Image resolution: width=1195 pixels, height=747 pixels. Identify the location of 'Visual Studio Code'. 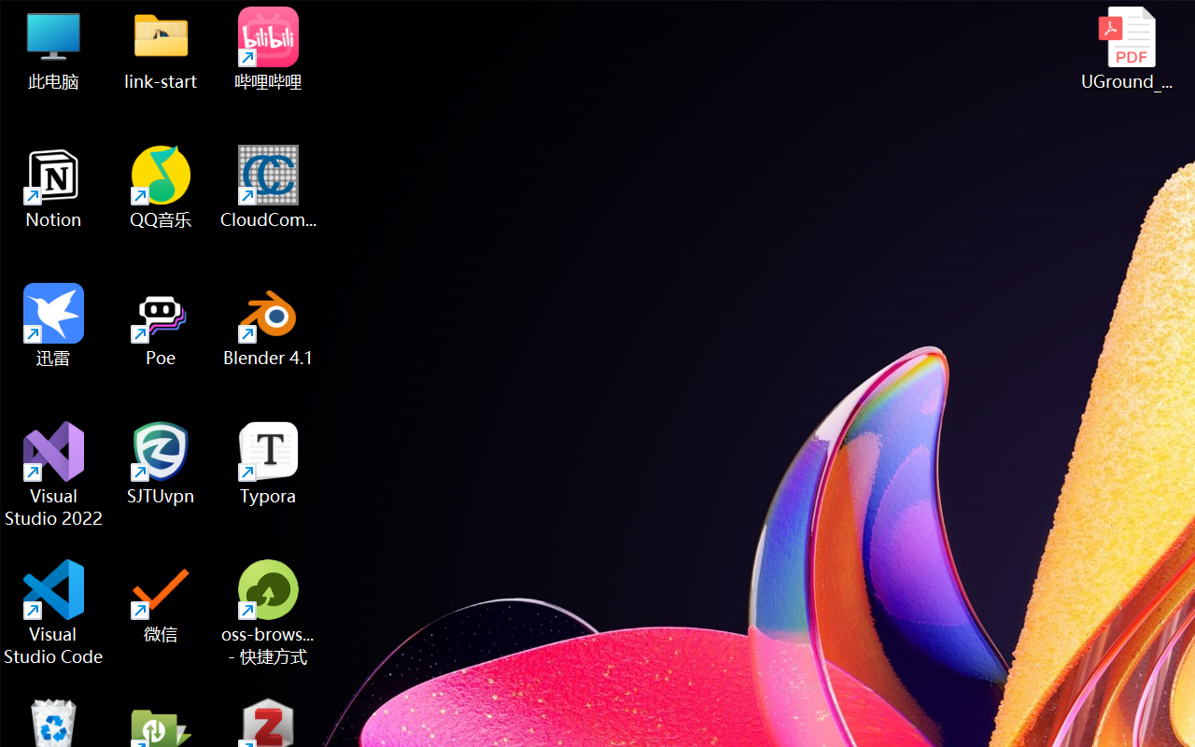
(53, 612).